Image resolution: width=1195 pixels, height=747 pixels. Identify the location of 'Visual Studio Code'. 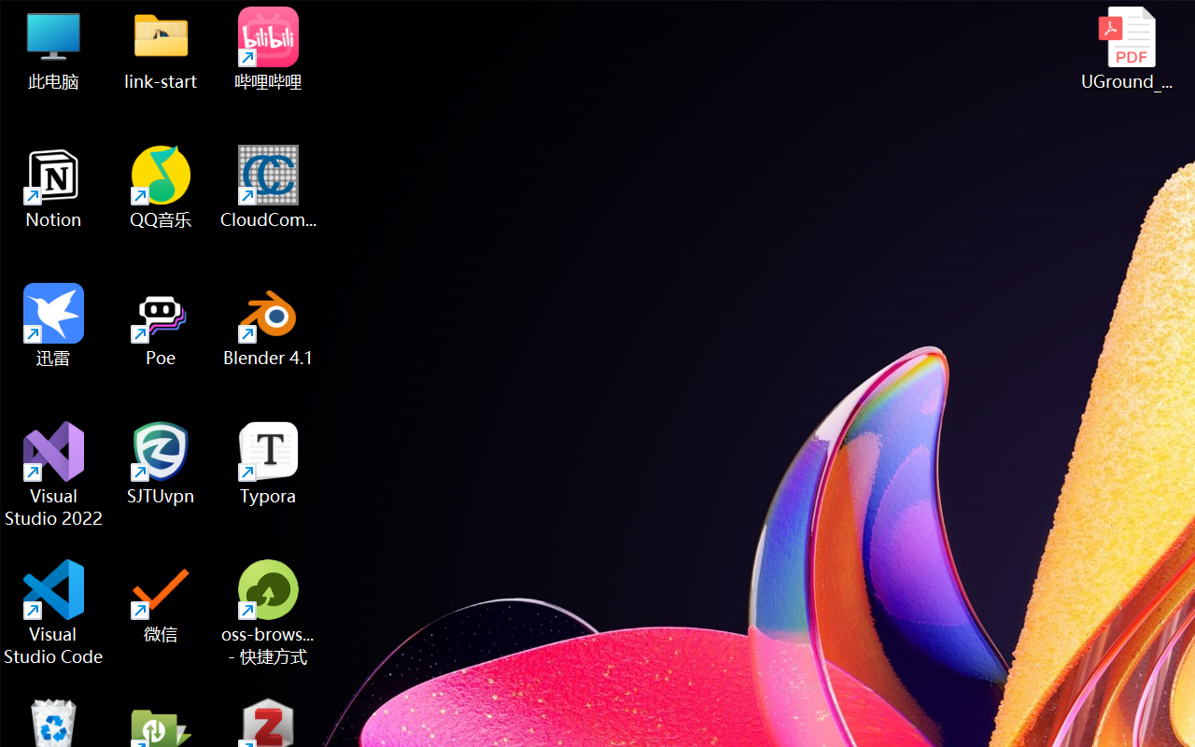
(53, 612).